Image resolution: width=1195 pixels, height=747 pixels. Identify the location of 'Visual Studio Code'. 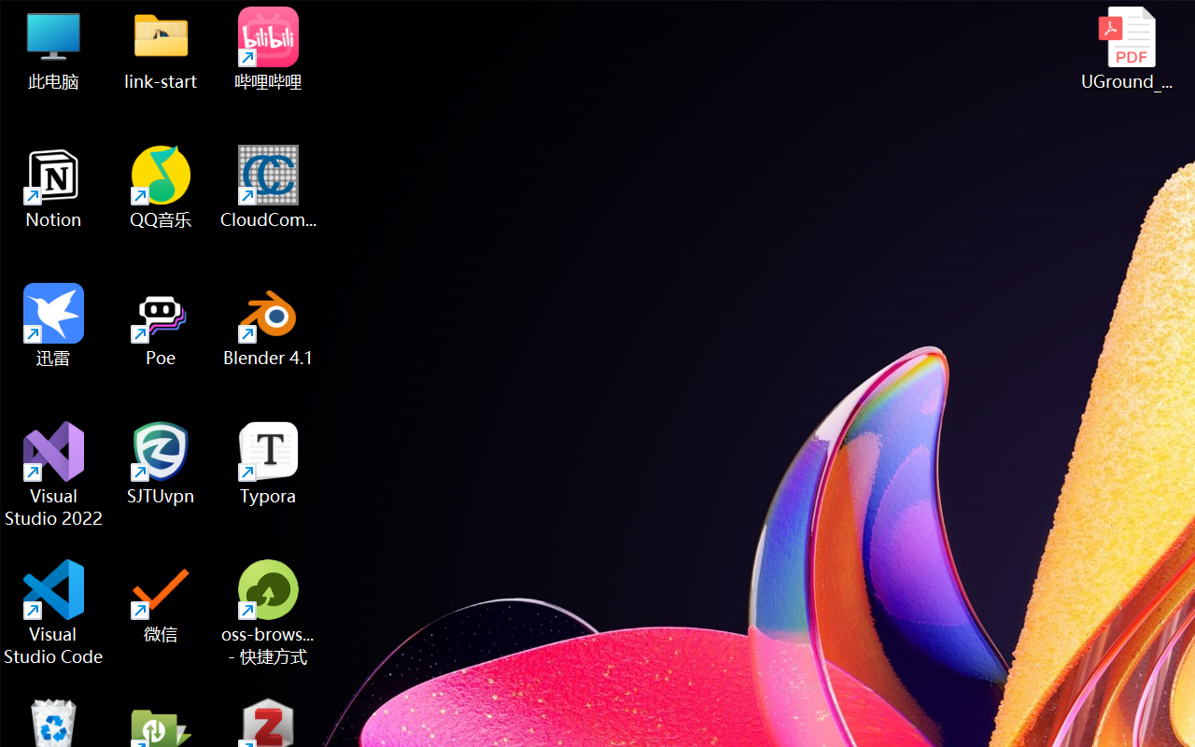
(53, 612).